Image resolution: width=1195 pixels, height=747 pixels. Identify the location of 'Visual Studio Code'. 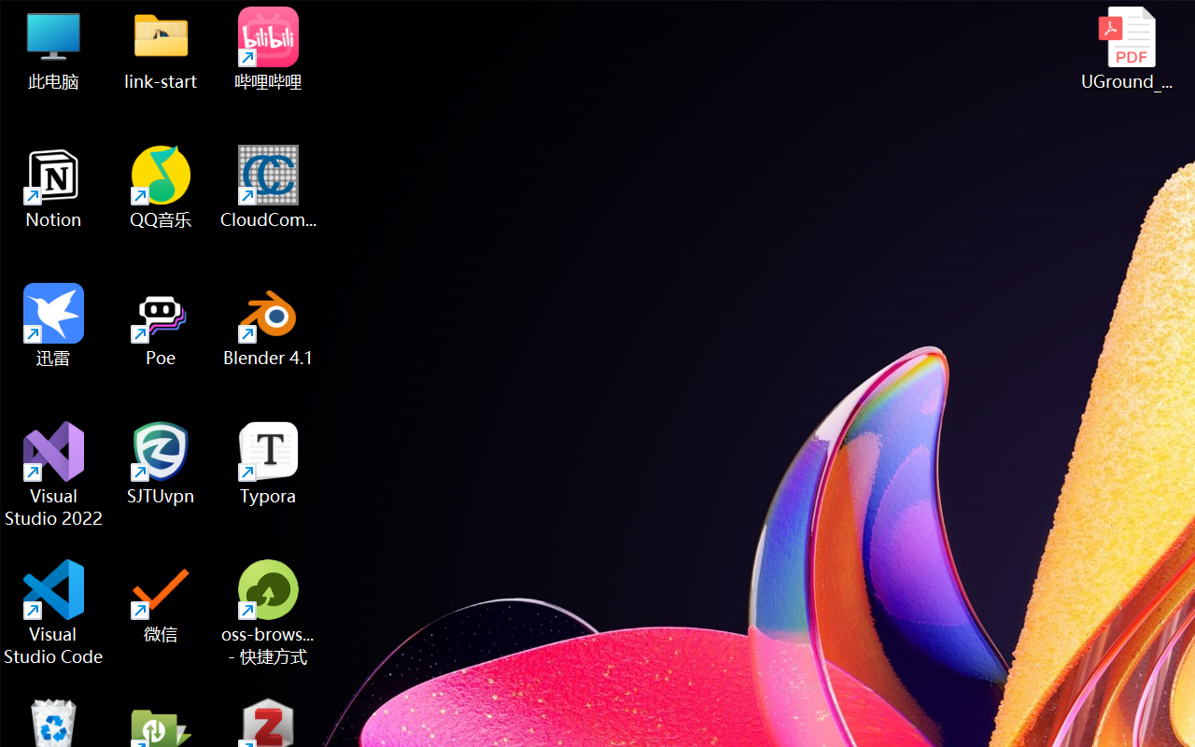
(53, 612).